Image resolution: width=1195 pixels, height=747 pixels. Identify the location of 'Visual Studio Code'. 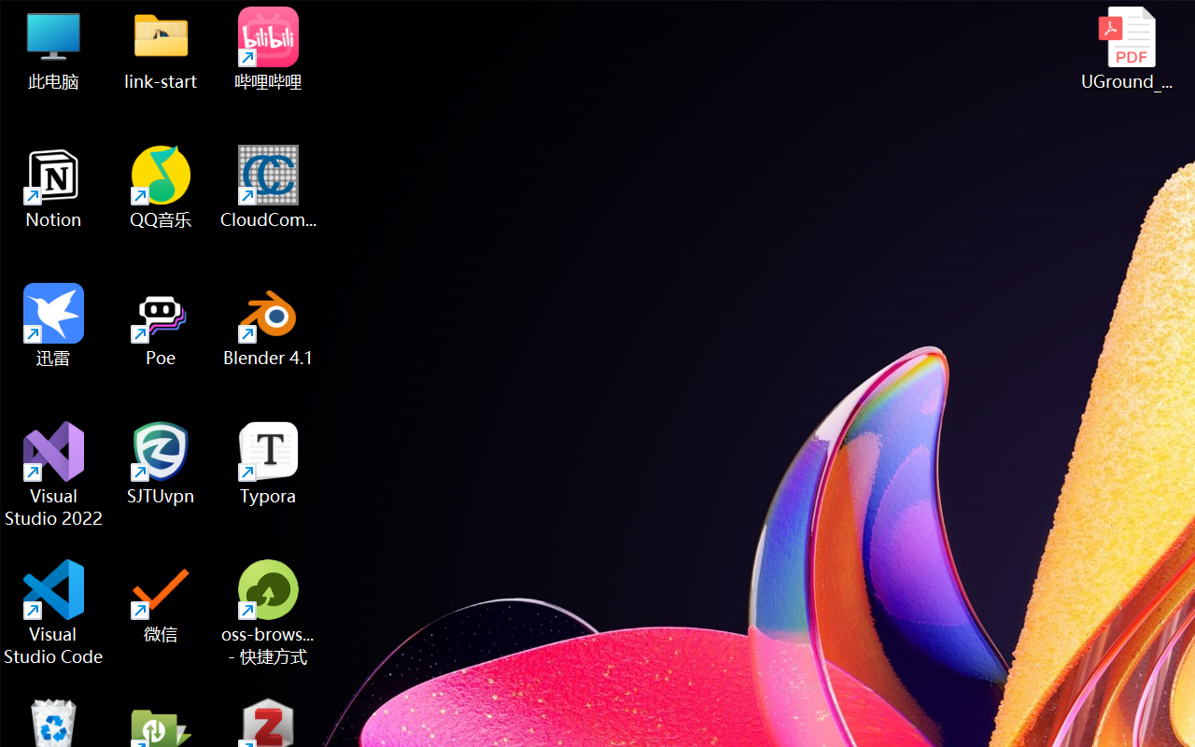
(53, 612).